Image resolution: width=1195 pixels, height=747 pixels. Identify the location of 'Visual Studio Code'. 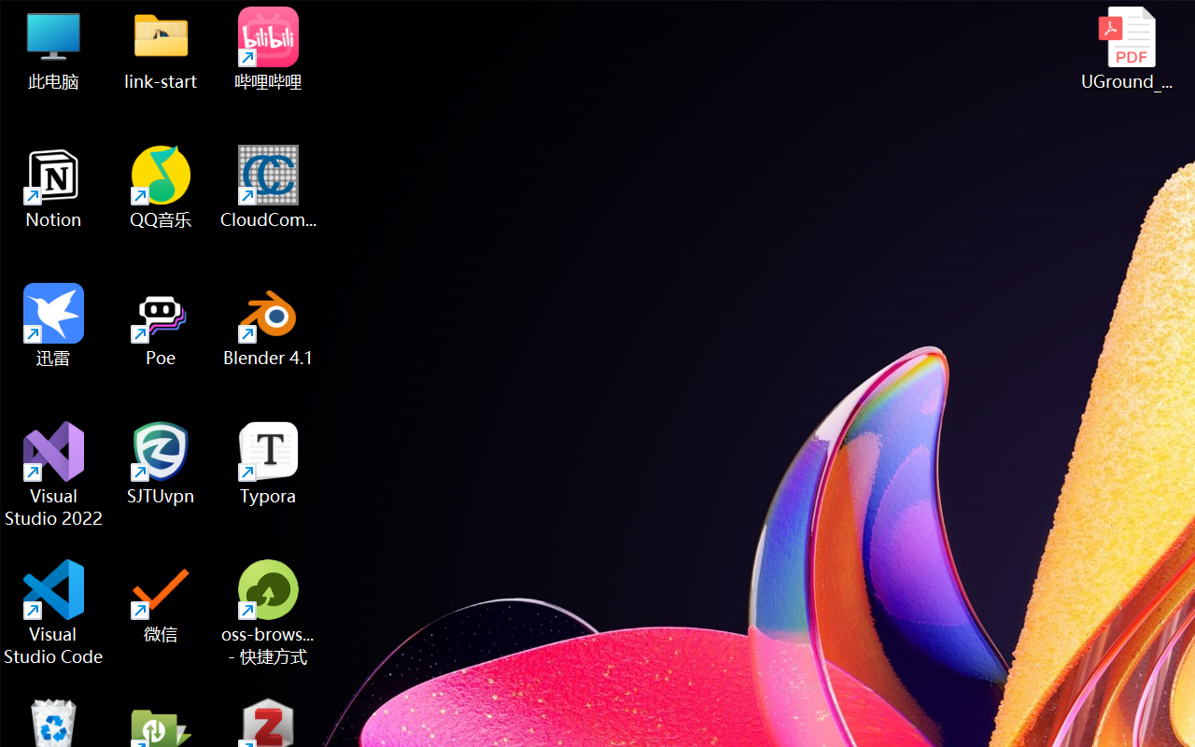
(53, 612).